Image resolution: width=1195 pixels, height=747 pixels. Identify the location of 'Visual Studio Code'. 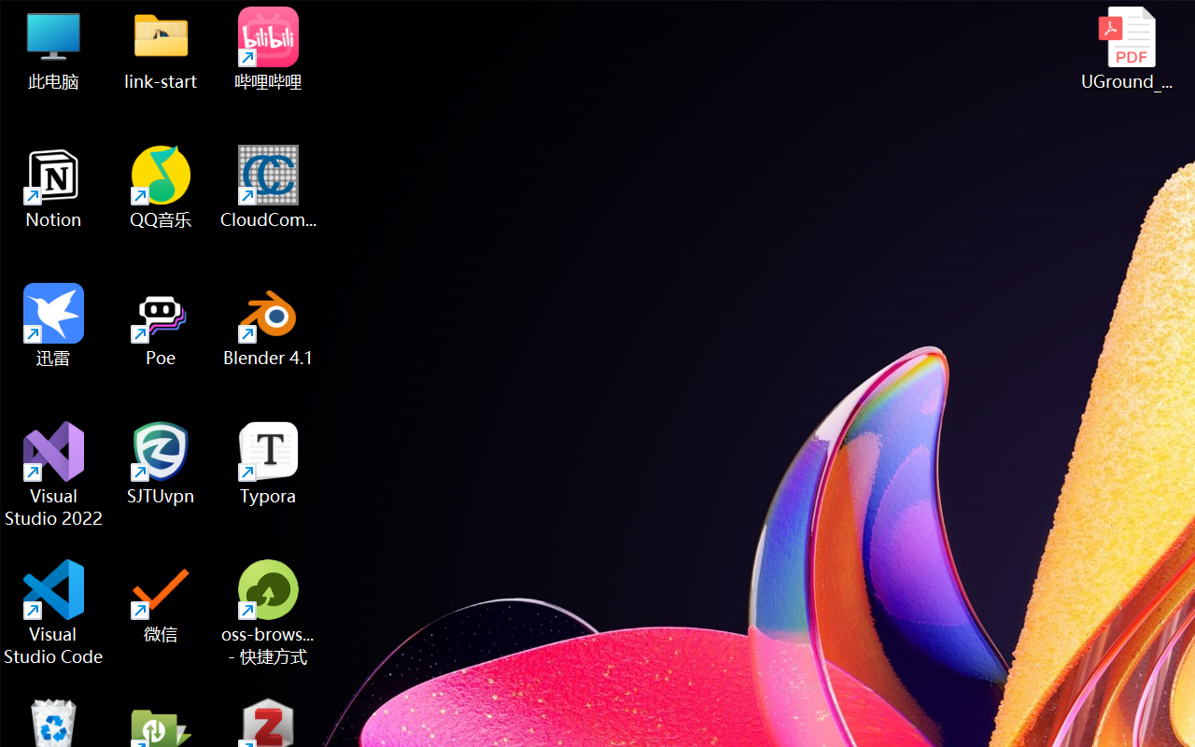
(53, 612).